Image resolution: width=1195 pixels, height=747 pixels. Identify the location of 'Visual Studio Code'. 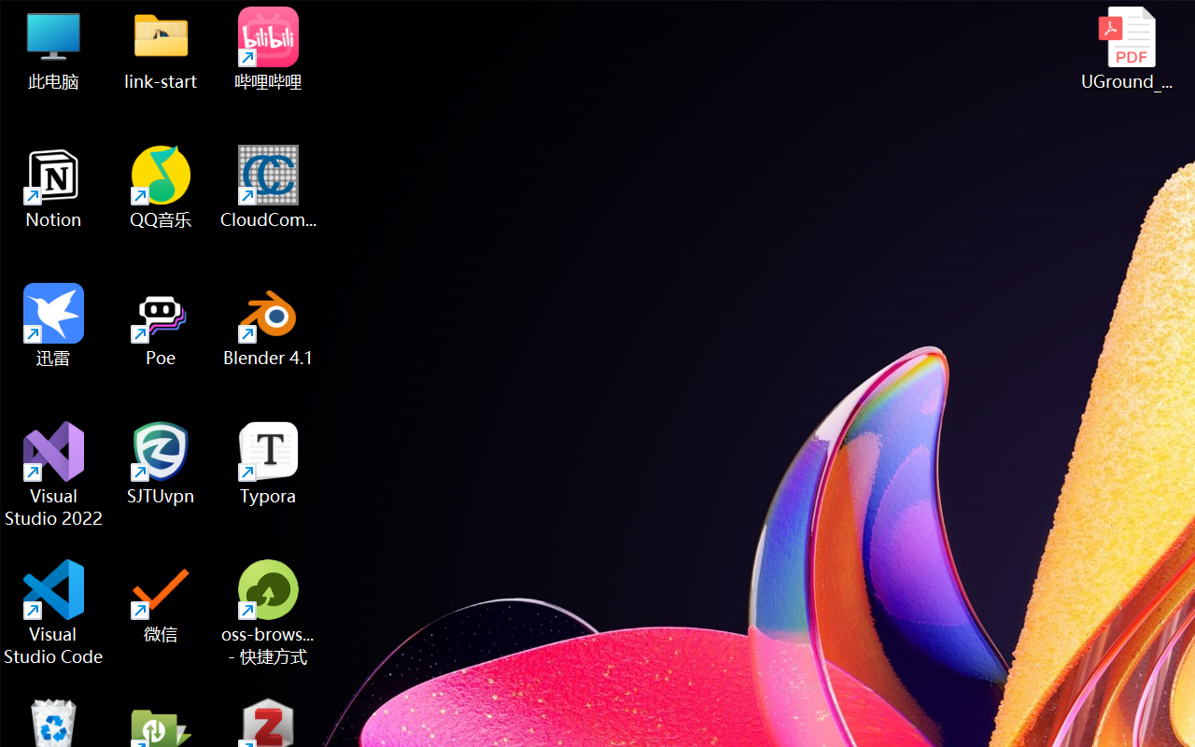
(53, 612).